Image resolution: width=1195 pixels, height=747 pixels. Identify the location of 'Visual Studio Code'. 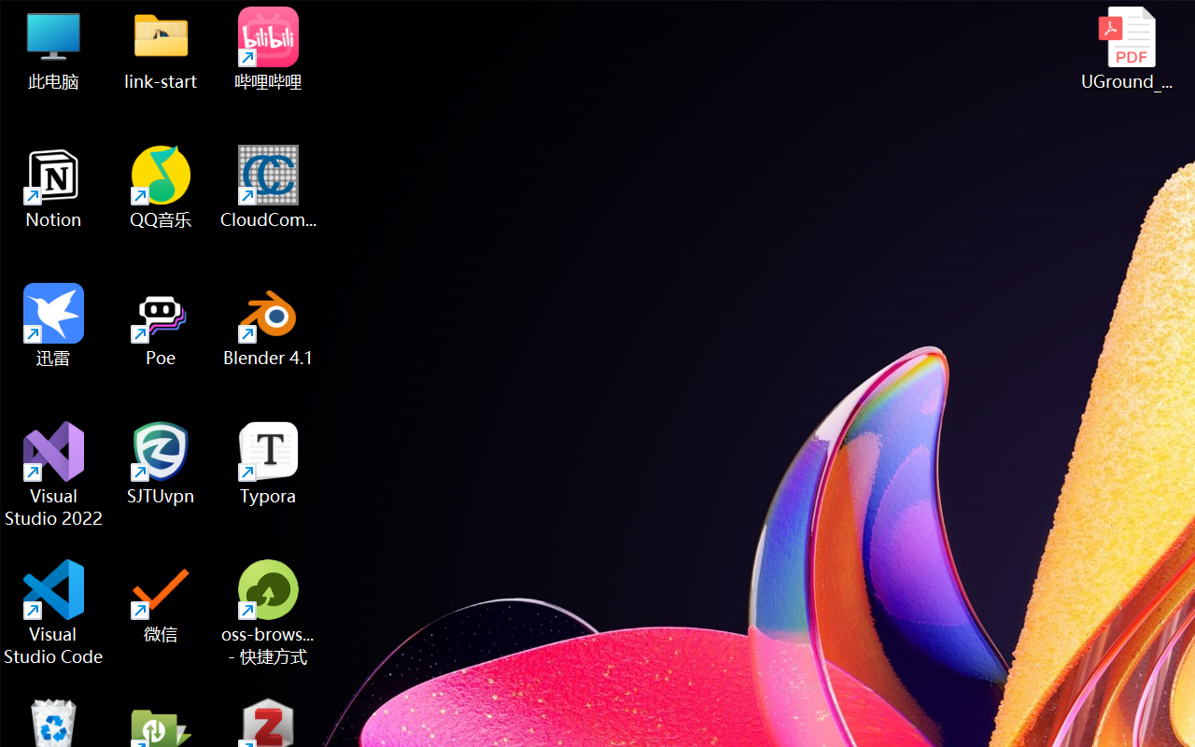
(53, 612).